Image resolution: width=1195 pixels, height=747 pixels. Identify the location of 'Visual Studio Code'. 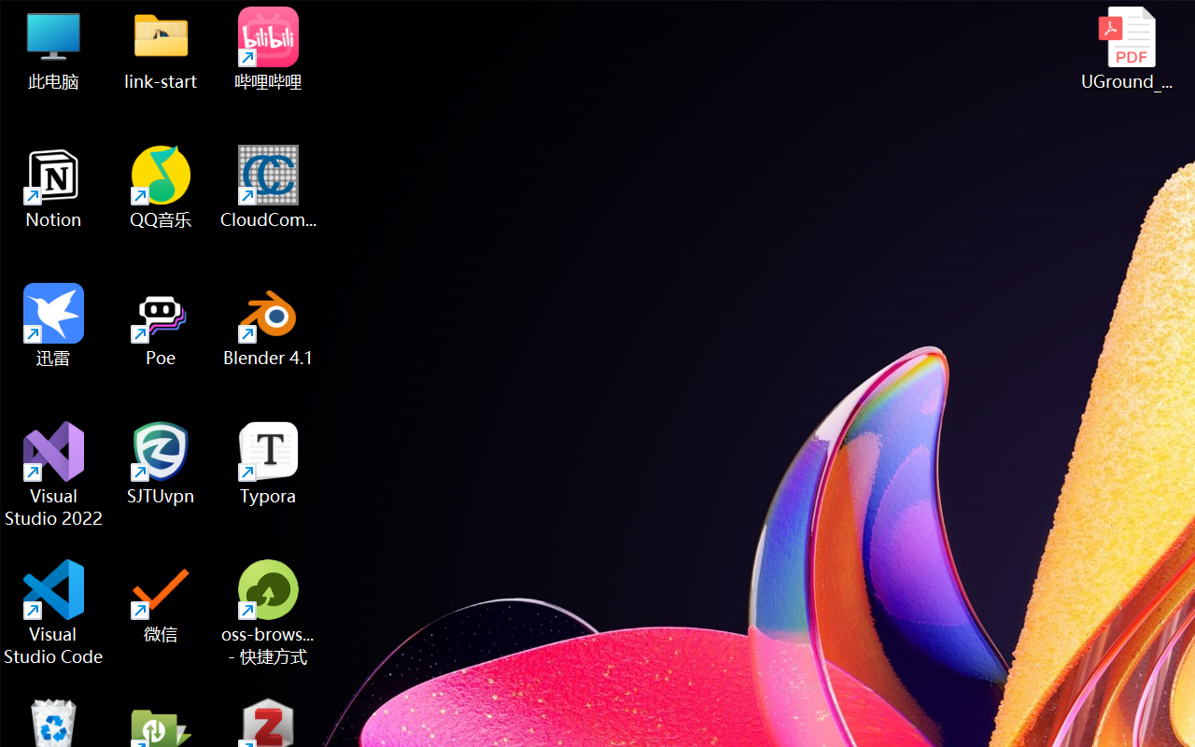
(53, 612).